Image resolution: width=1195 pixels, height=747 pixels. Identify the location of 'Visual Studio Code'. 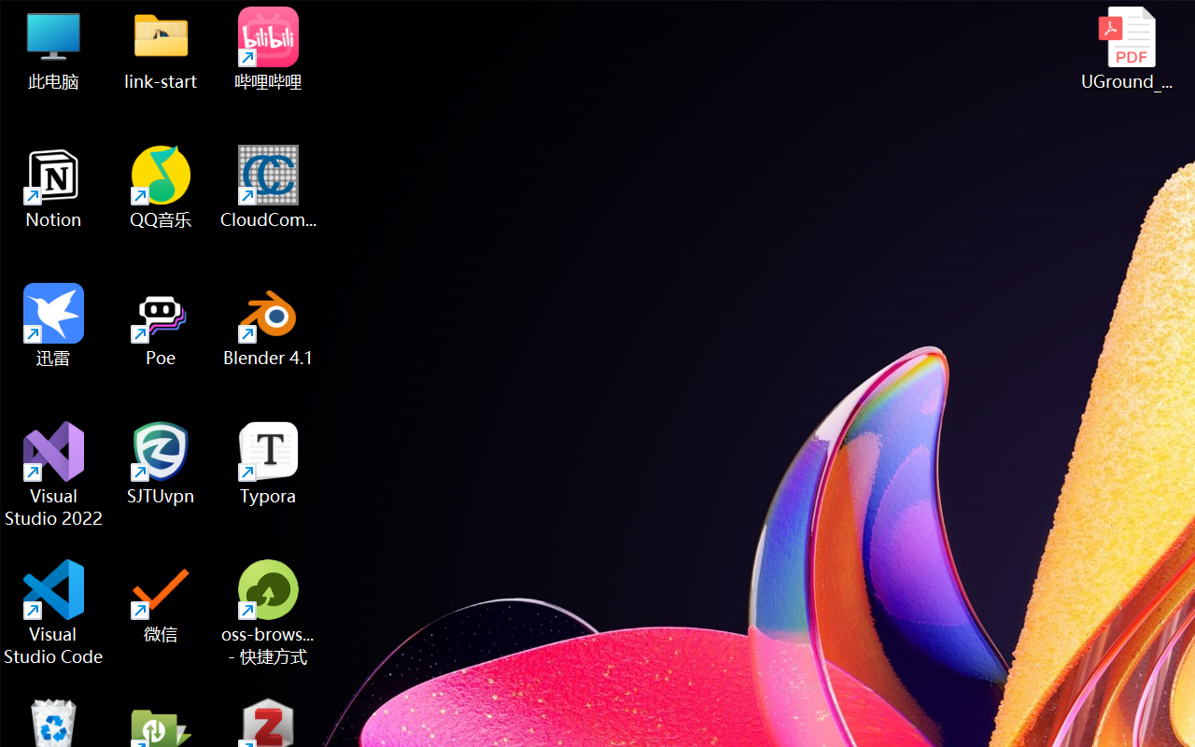
(53, 612).